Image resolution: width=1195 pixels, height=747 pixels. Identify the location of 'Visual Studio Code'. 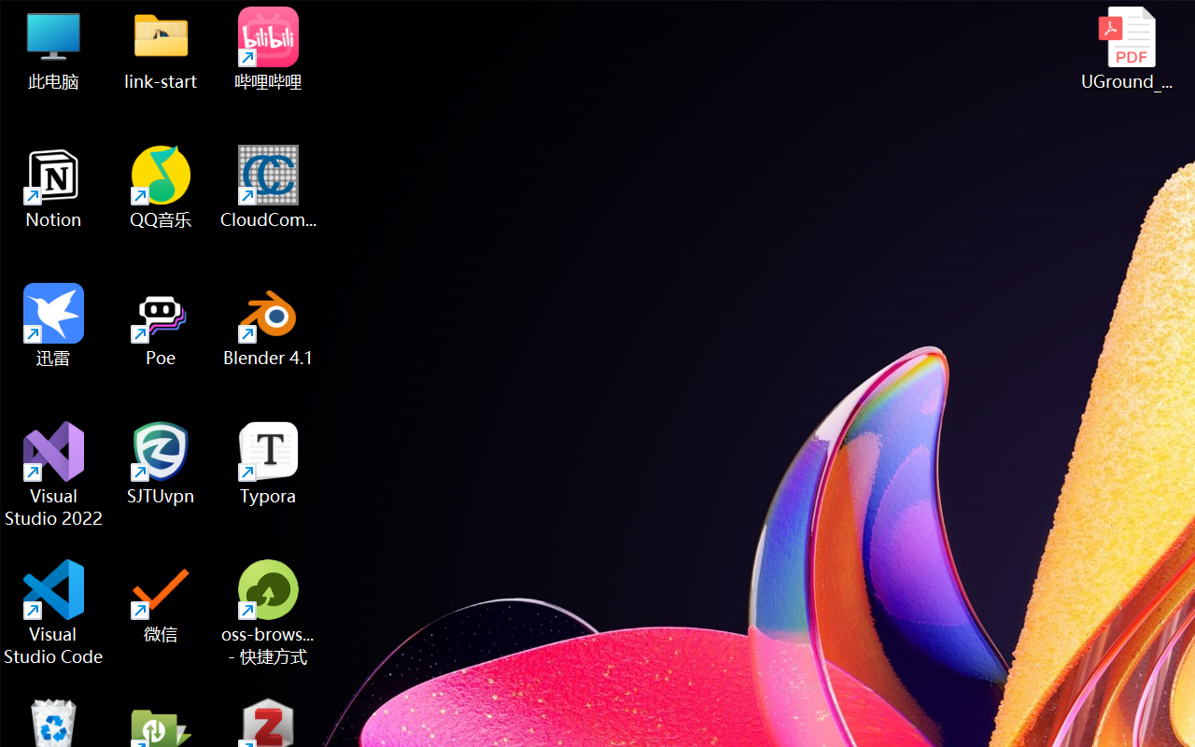
(53, 612).